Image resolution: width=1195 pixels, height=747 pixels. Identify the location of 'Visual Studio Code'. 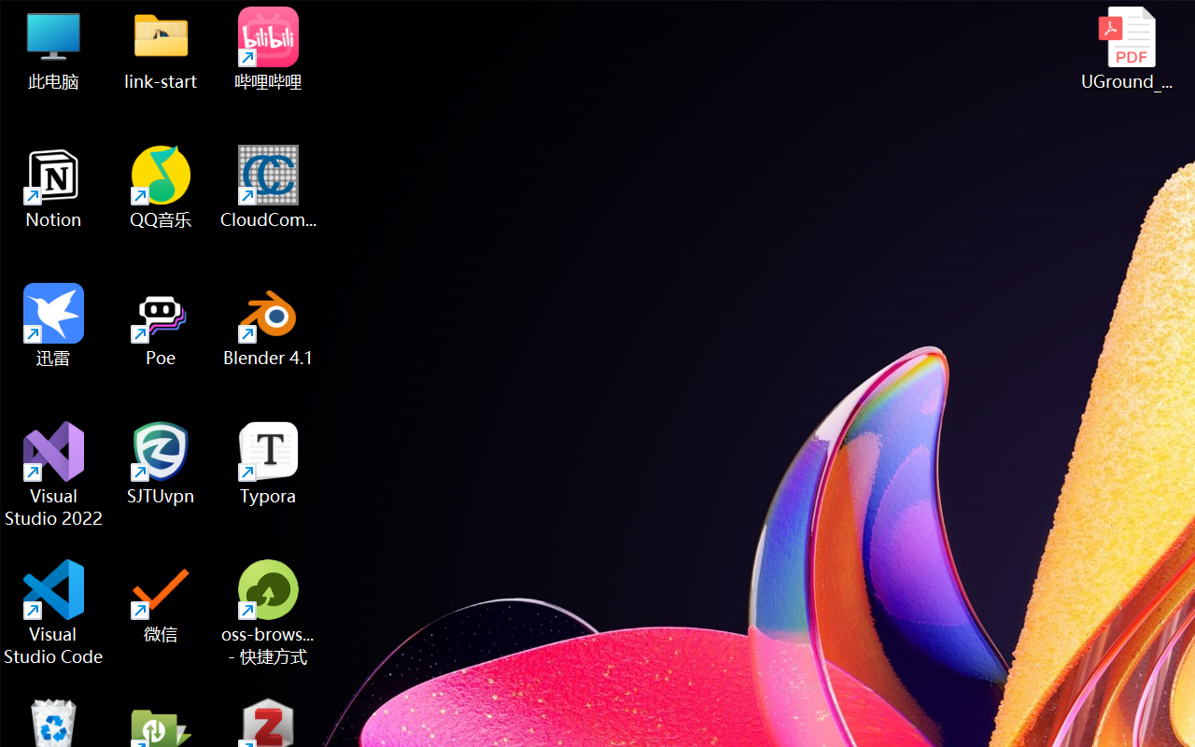
(53, 612).